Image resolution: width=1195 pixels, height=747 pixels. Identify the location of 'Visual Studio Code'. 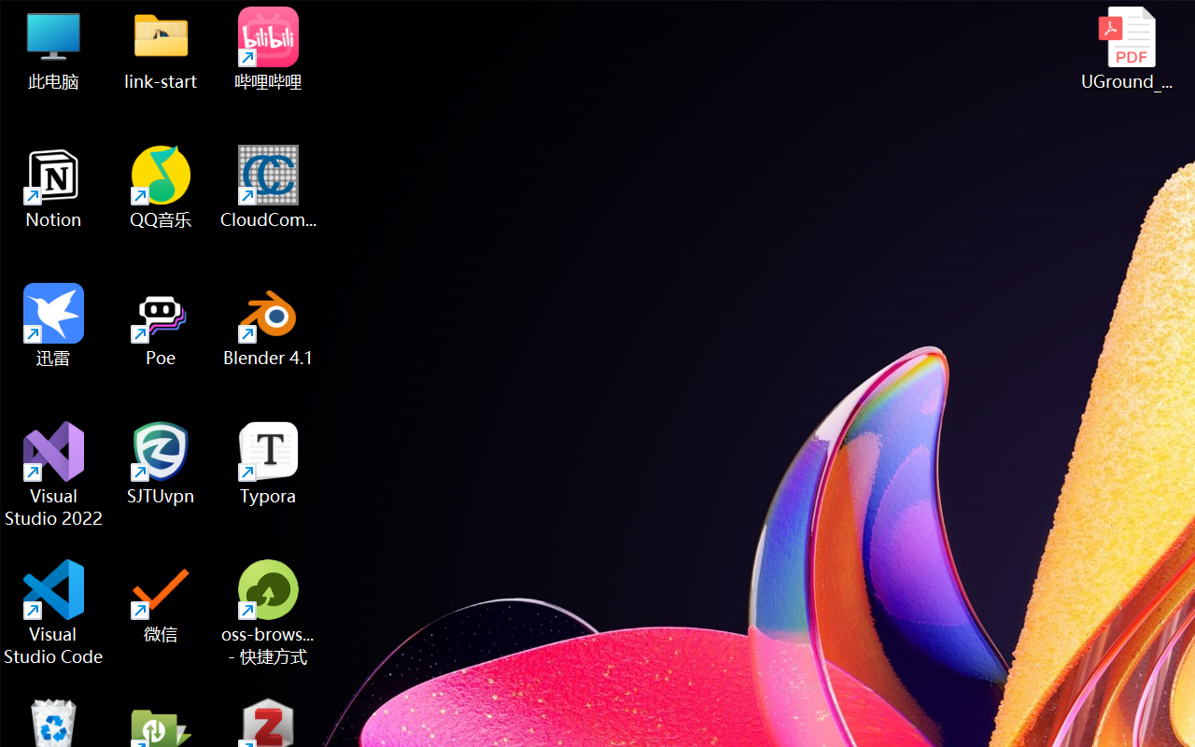
(53, 612).